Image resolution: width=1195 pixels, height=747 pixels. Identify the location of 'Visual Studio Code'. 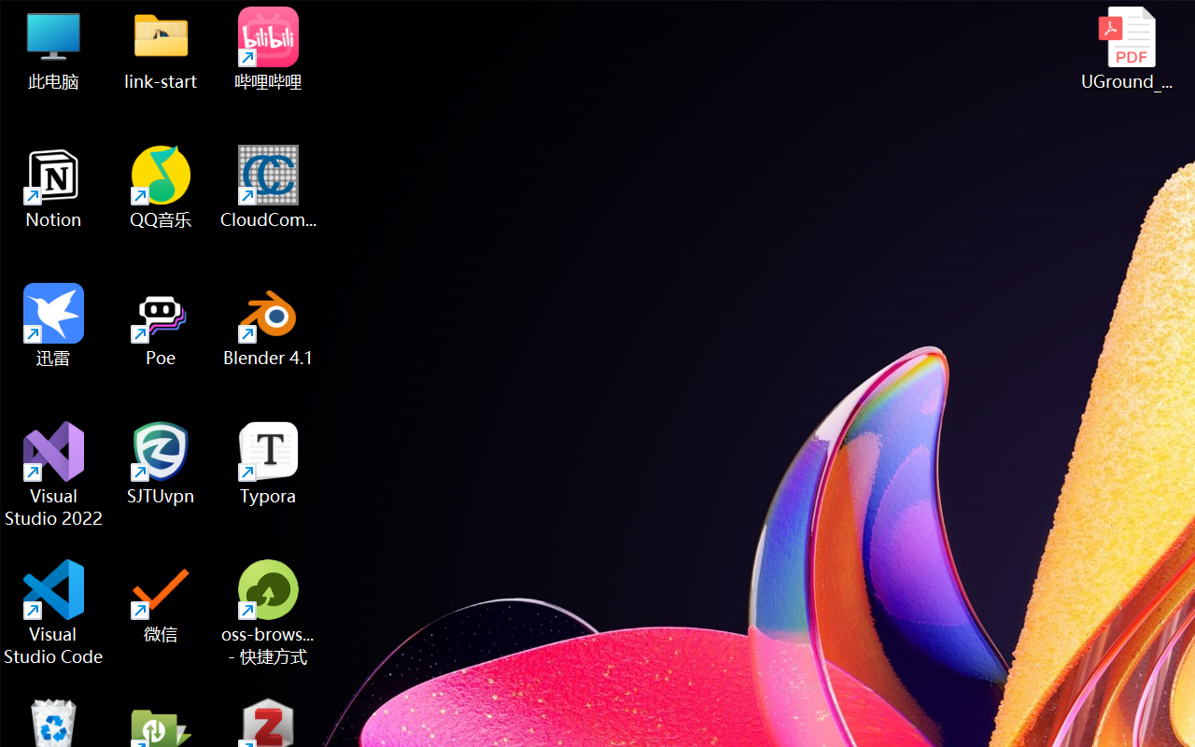
(53, 612).